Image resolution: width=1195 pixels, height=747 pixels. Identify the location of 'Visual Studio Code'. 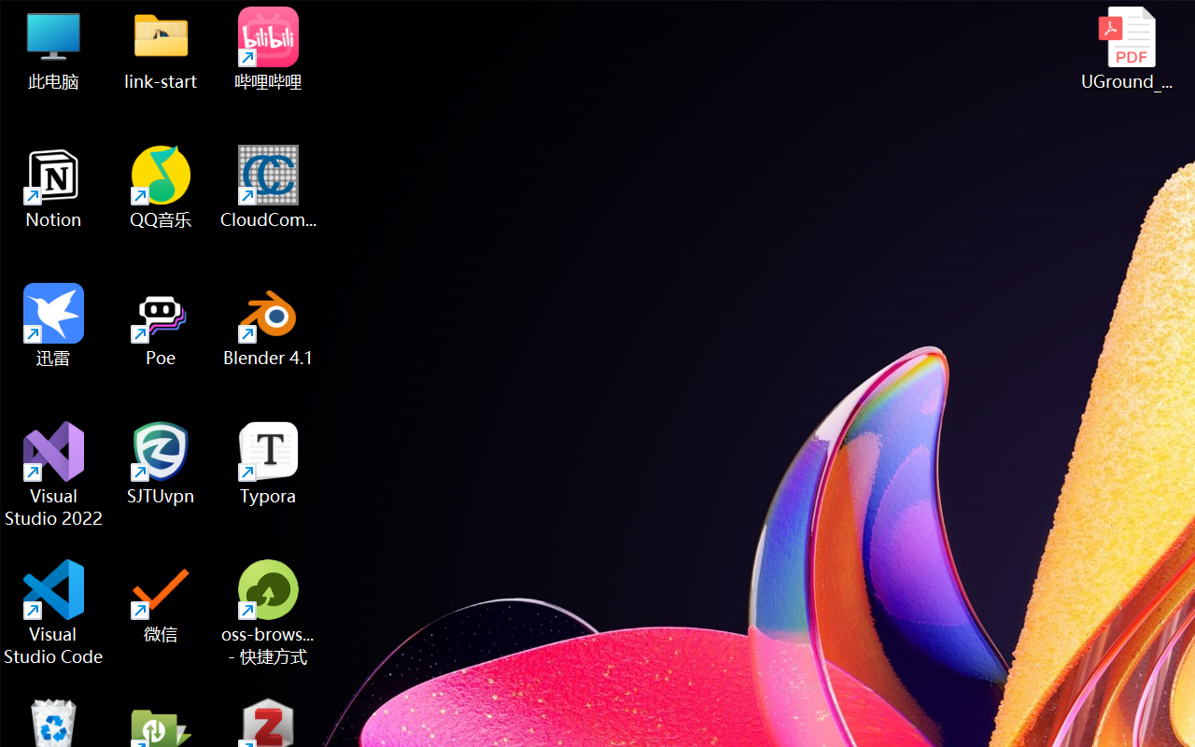
(53, 612).